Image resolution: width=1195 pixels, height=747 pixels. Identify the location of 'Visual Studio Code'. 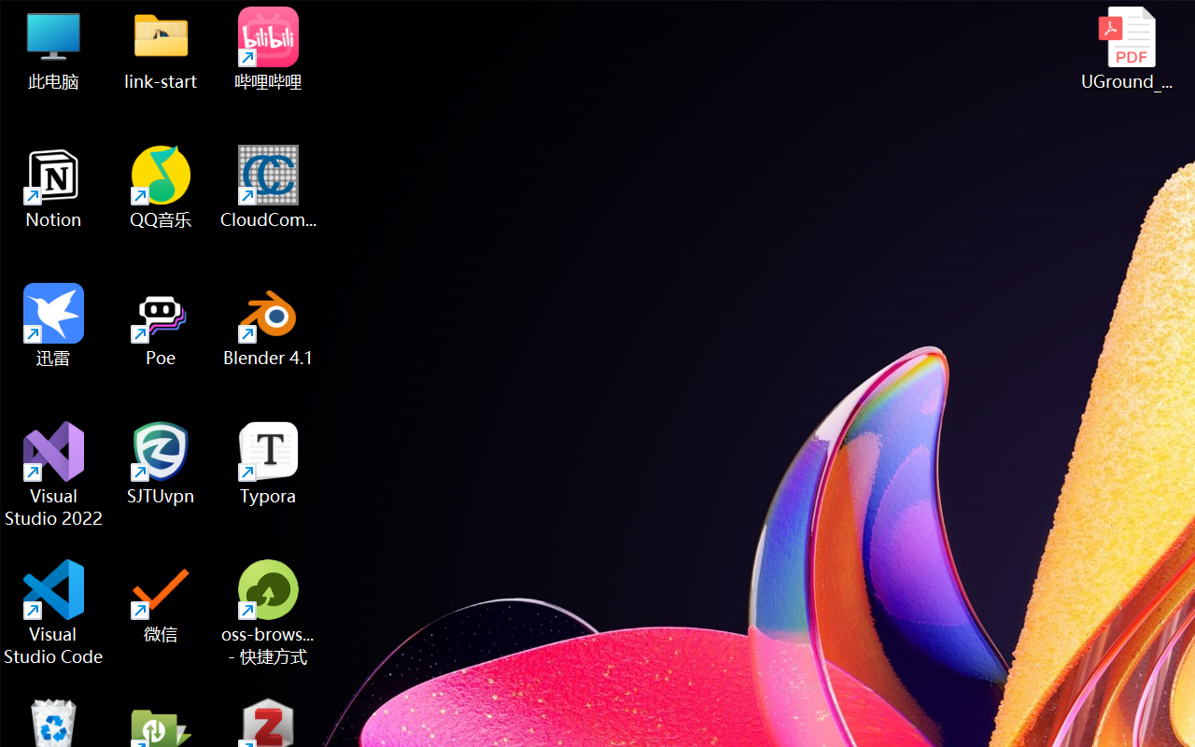
(53, 612).